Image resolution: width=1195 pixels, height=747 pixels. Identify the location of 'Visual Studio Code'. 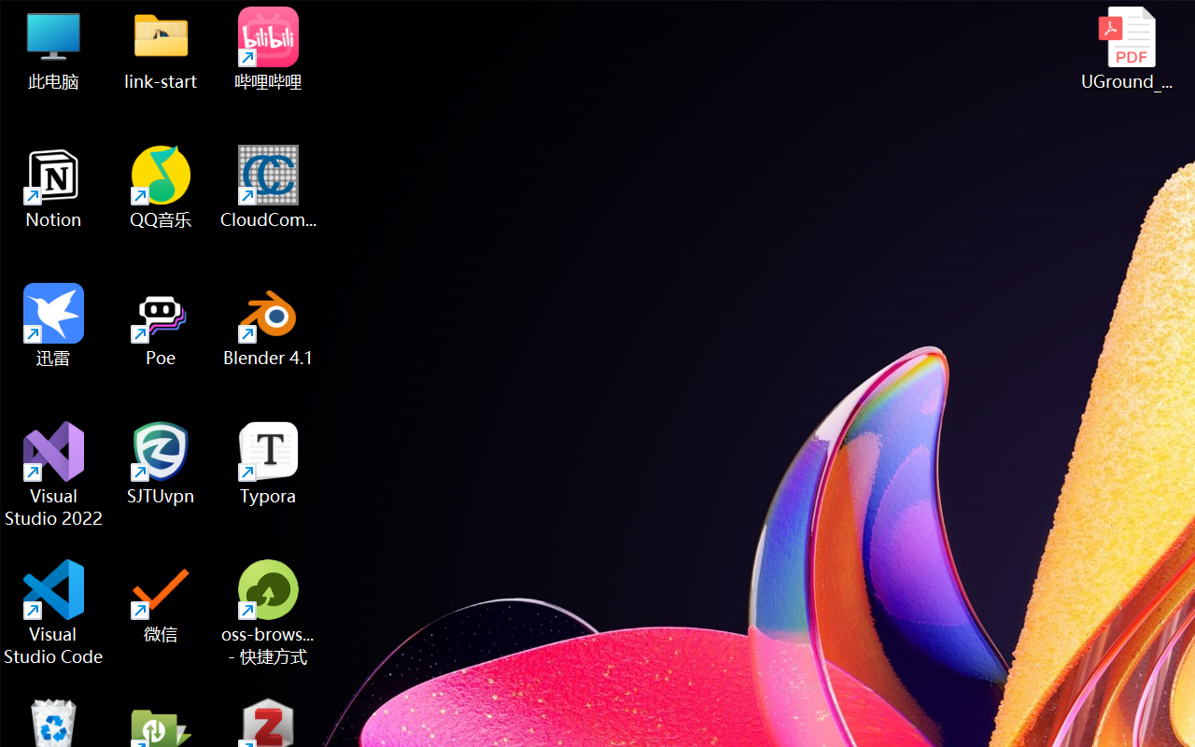
(53, 612).